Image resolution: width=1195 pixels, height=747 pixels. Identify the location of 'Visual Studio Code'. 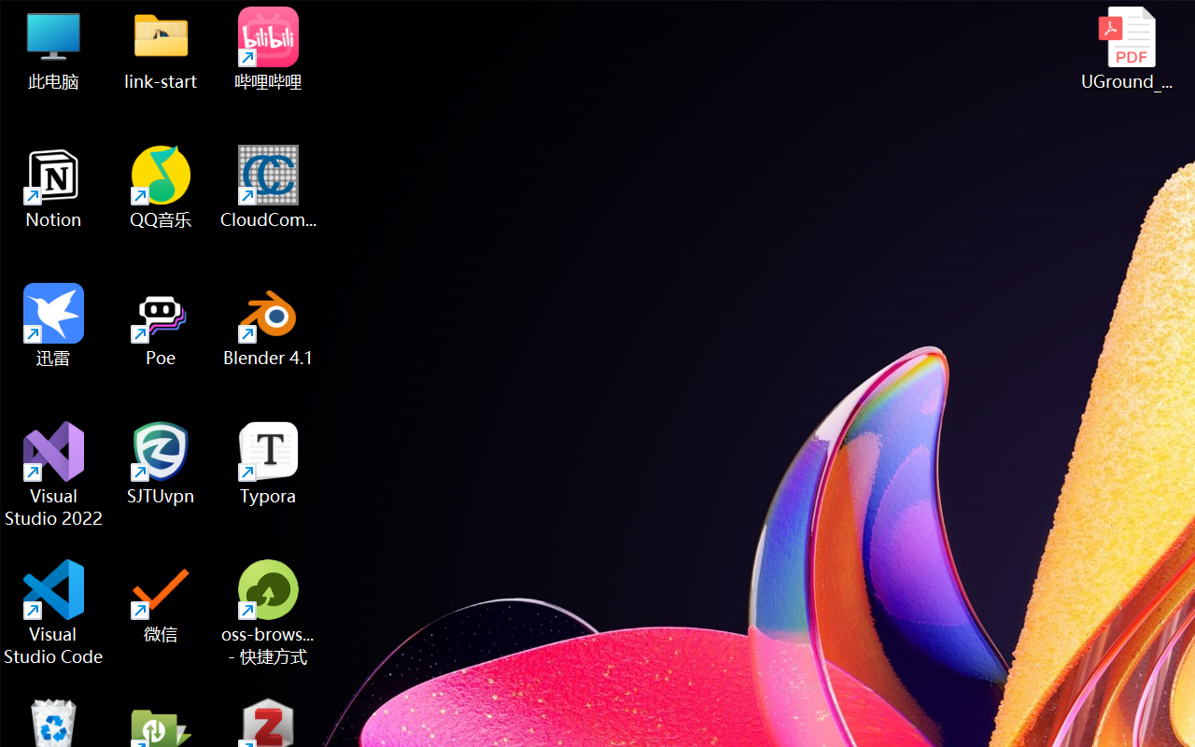
(53, 612).